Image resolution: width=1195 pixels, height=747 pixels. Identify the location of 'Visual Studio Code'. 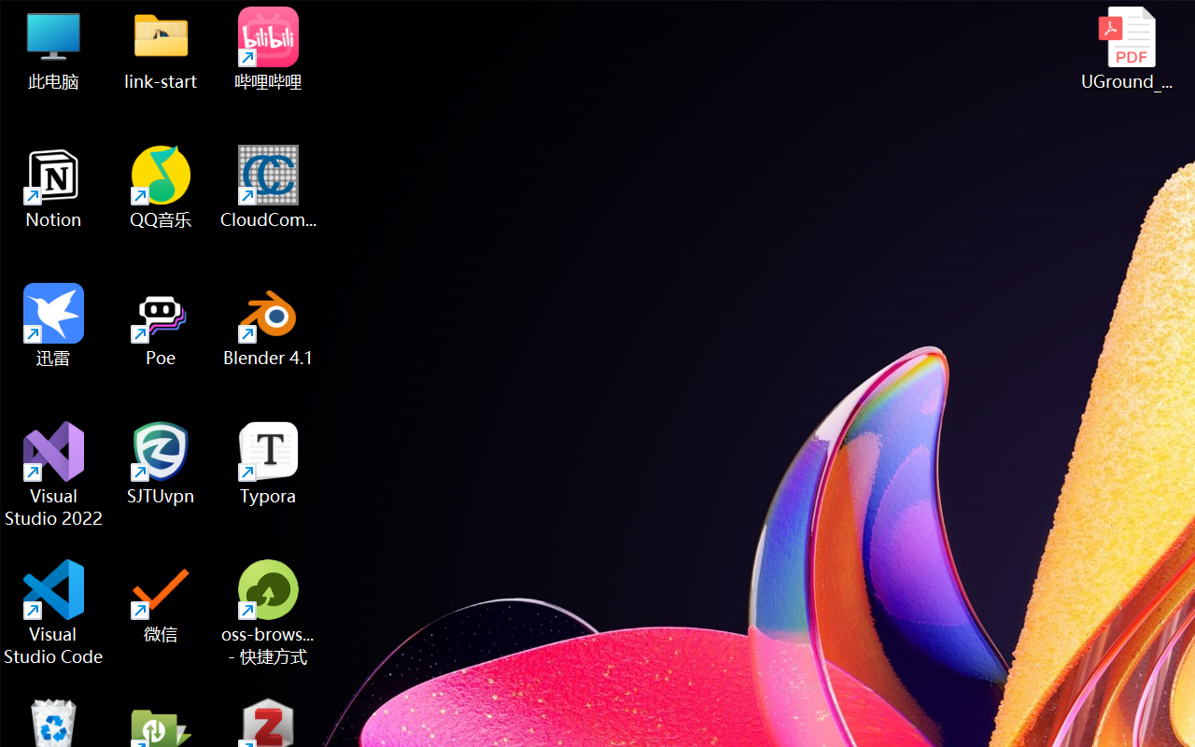
(53, 612).